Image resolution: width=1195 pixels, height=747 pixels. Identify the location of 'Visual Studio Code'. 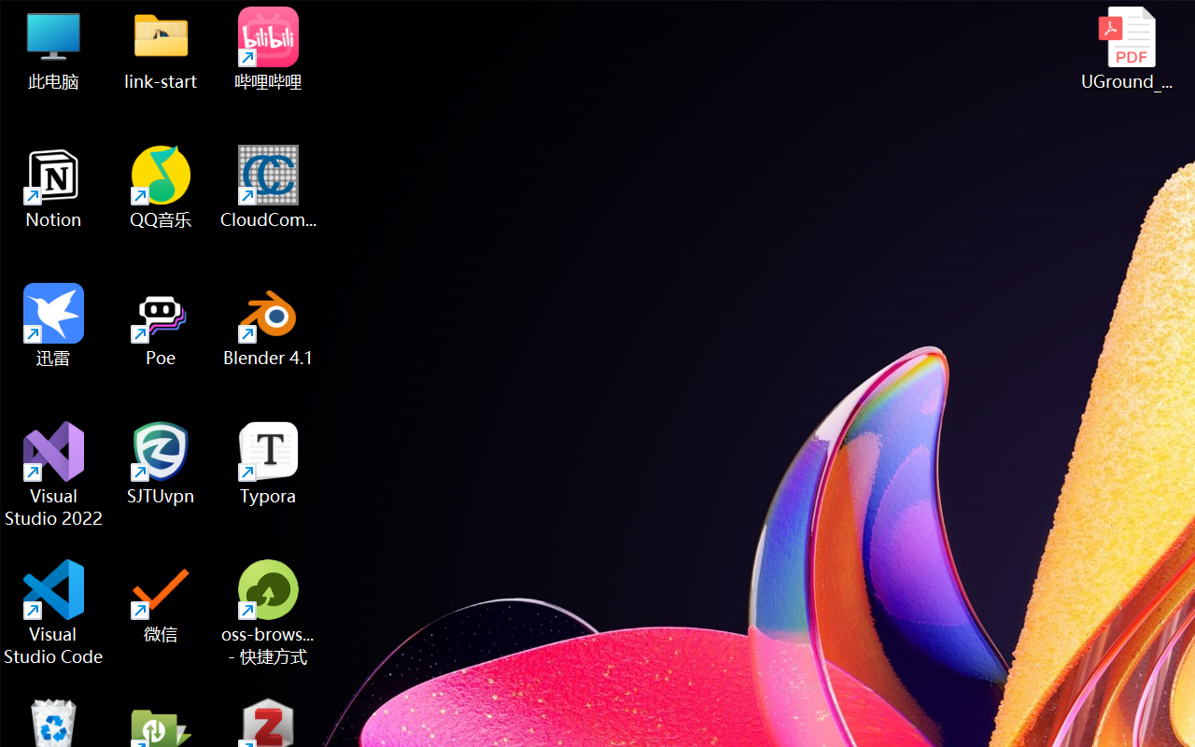
(53, 612).